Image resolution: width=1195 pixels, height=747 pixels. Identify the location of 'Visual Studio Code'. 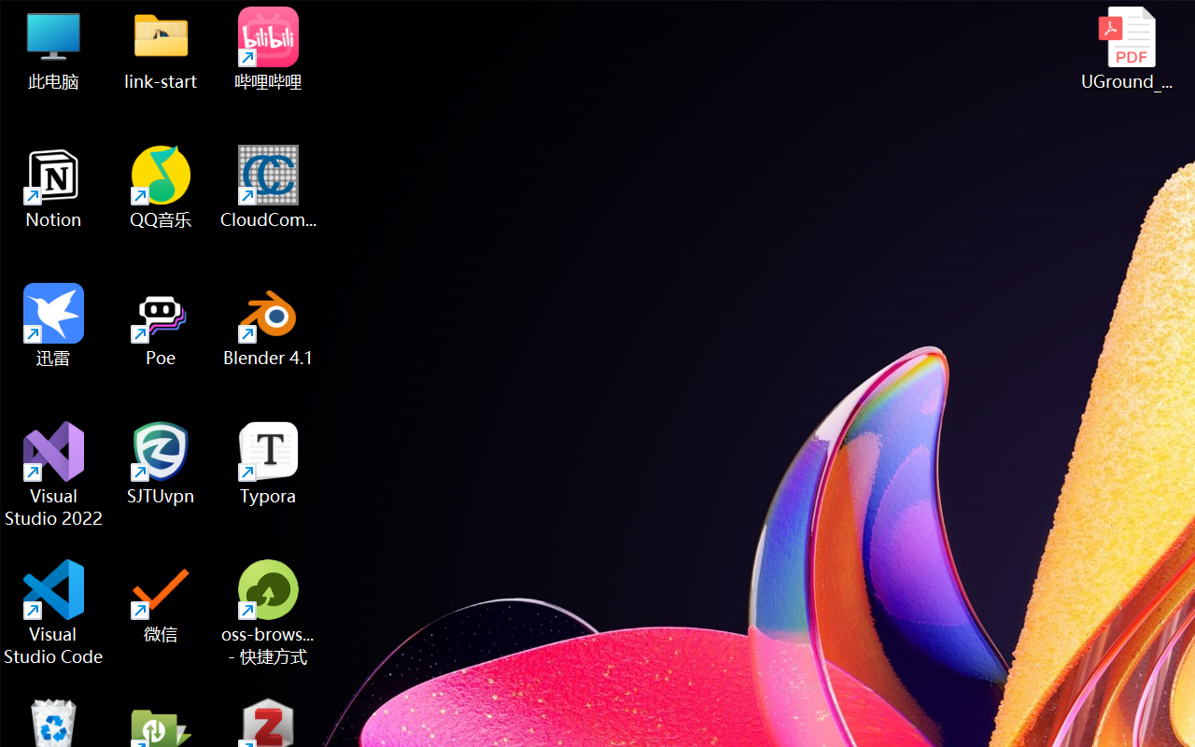
(53, 612).